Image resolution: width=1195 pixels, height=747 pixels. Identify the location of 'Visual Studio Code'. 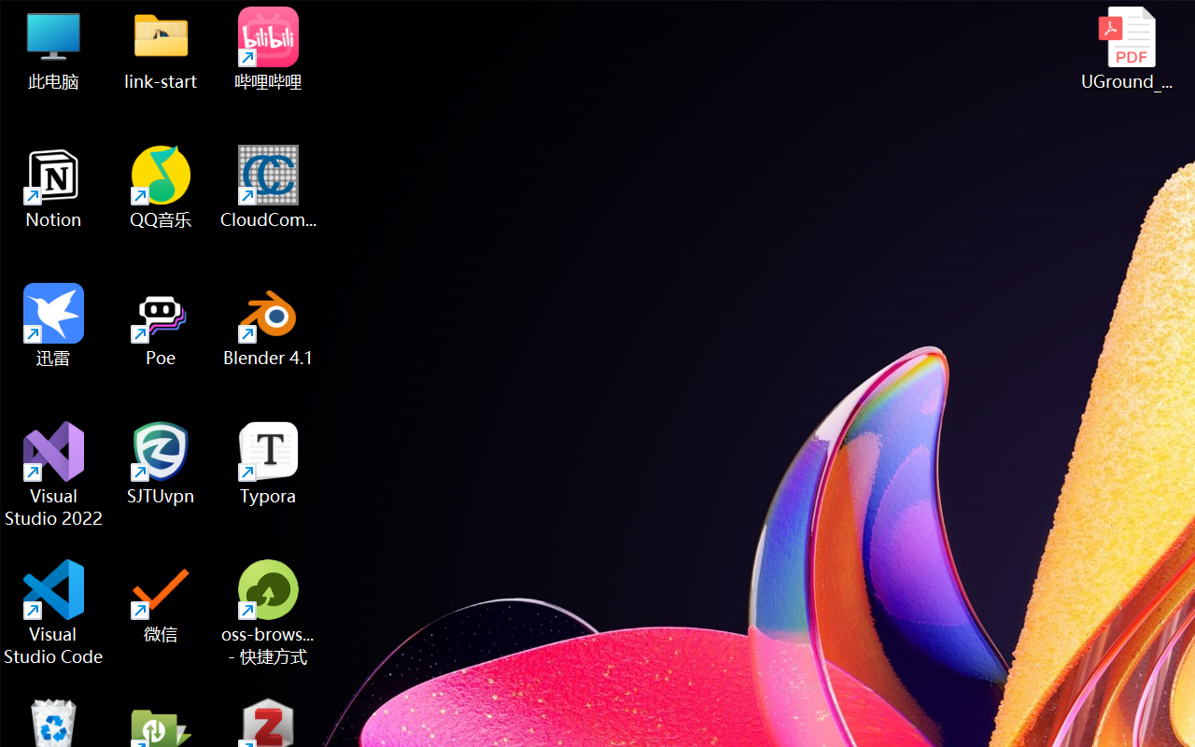
(53, 612).